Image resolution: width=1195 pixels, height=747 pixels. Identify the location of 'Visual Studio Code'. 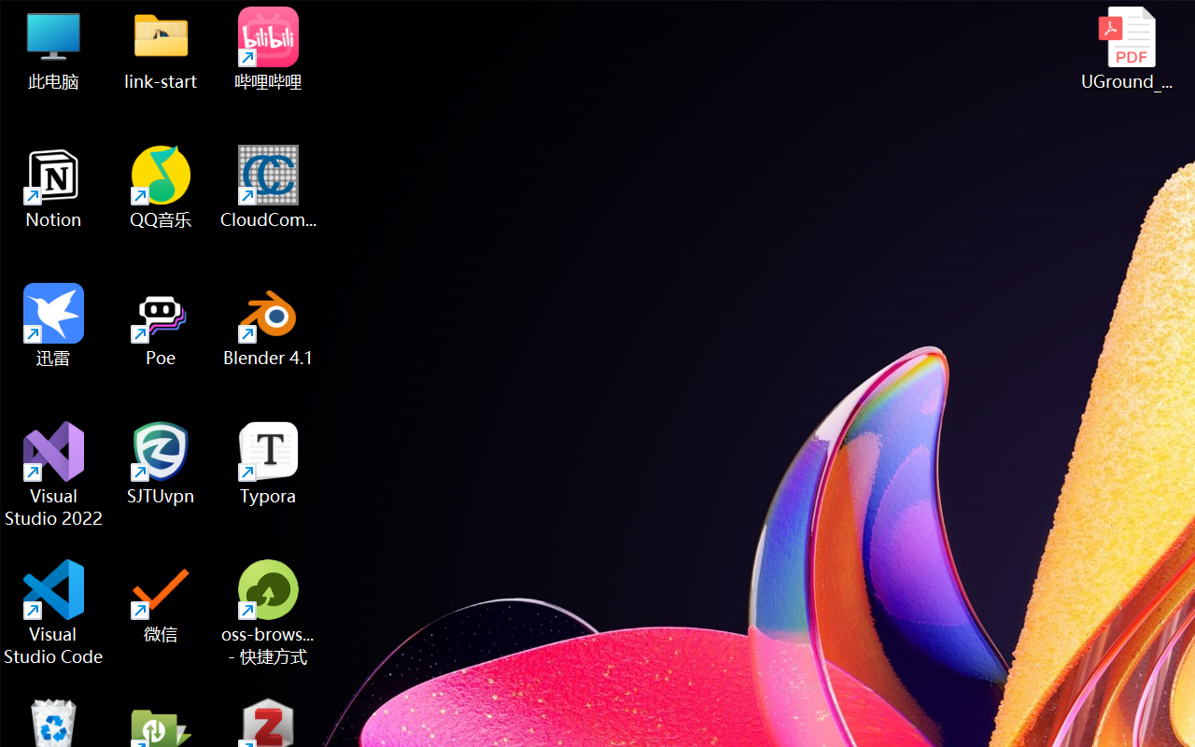
(53, 612).